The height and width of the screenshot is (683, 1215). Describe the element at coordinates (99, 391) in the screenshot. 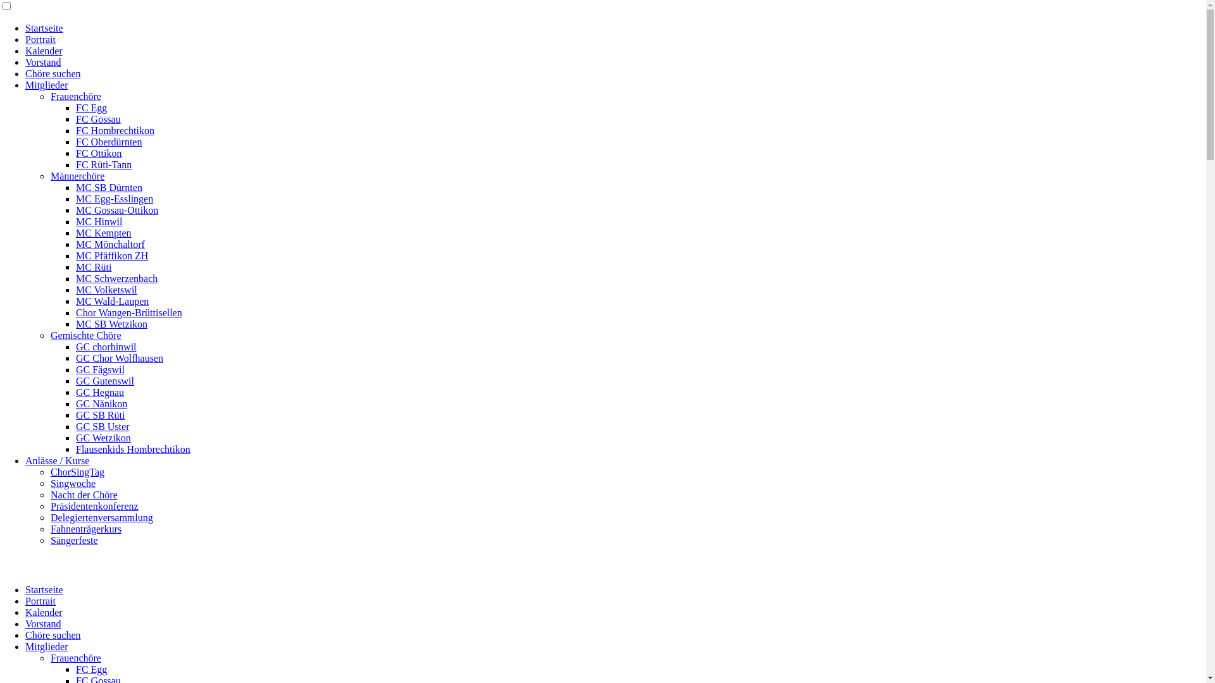

I see `'GC Hegnau'` at that location.